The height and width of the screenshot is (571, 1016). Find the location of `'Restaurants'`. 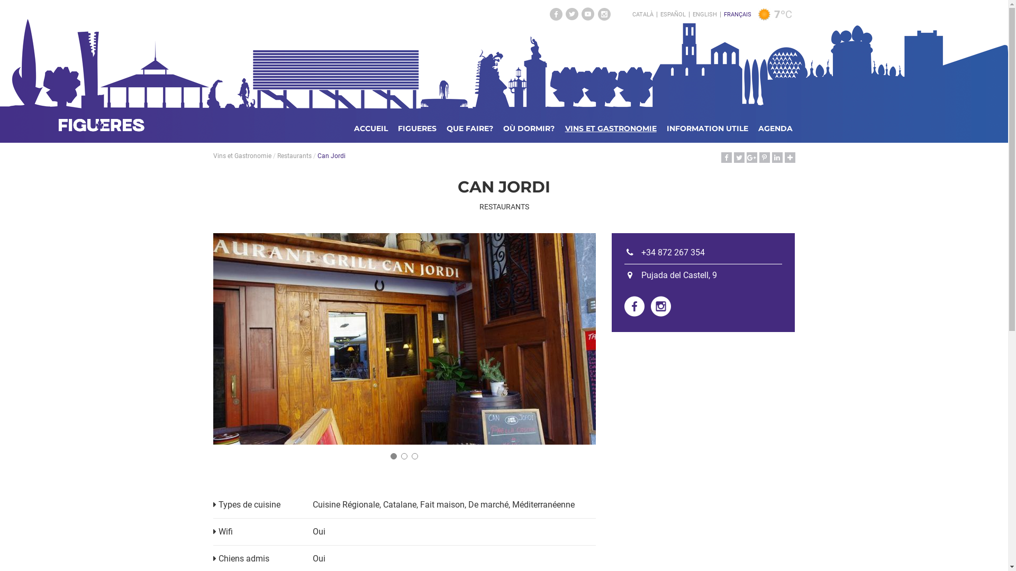

'Restaurants' is located at coordinates (294, 155).